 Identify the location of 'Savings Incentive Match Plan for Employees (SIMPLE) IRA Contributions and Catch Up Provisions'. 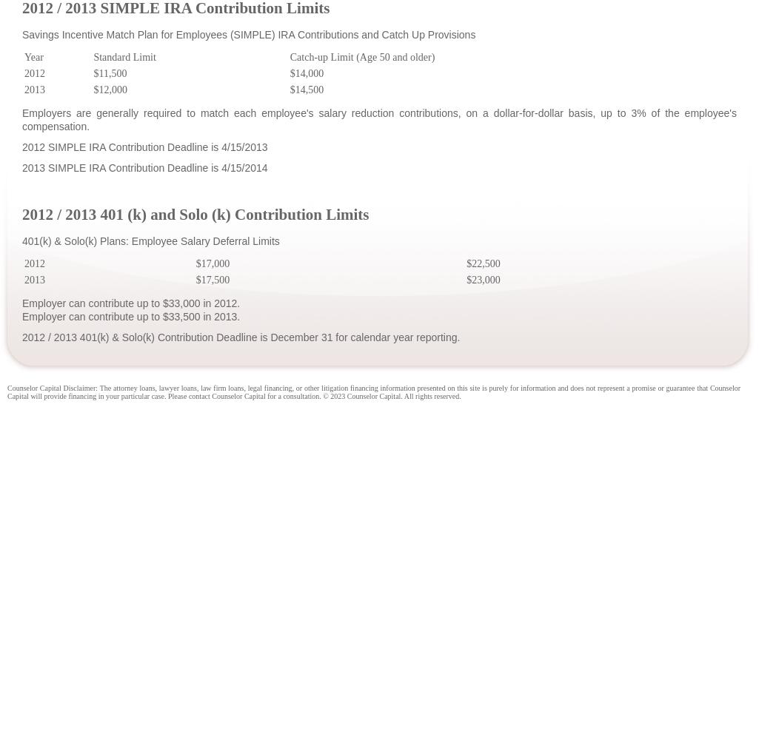
(247, 34).